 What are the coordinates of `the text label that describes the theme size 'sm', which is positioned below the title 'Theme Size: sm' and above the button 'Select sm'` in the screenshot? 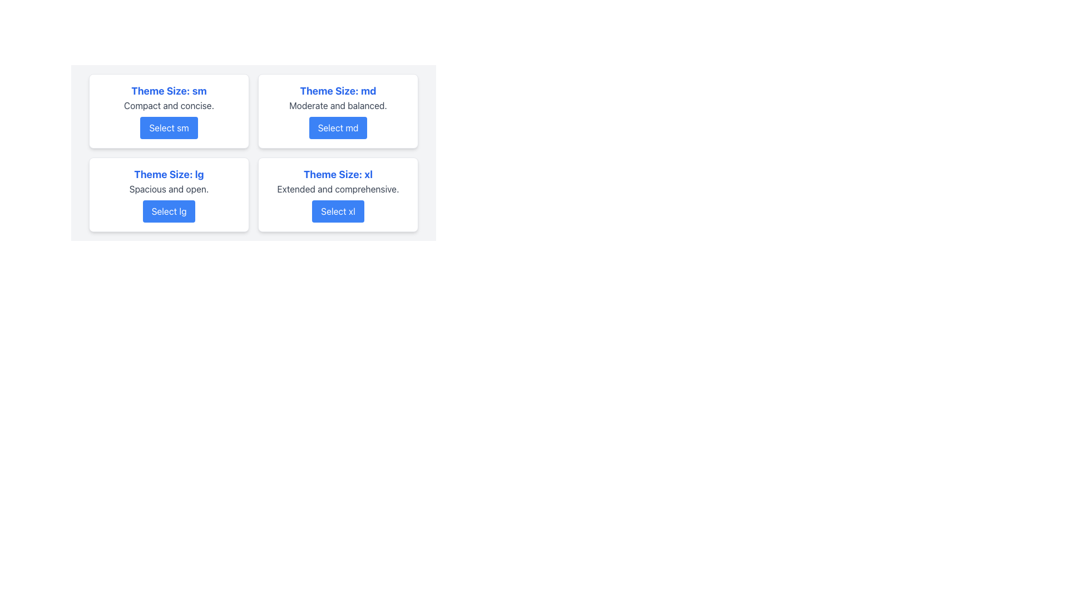 It's located at (168, 105).